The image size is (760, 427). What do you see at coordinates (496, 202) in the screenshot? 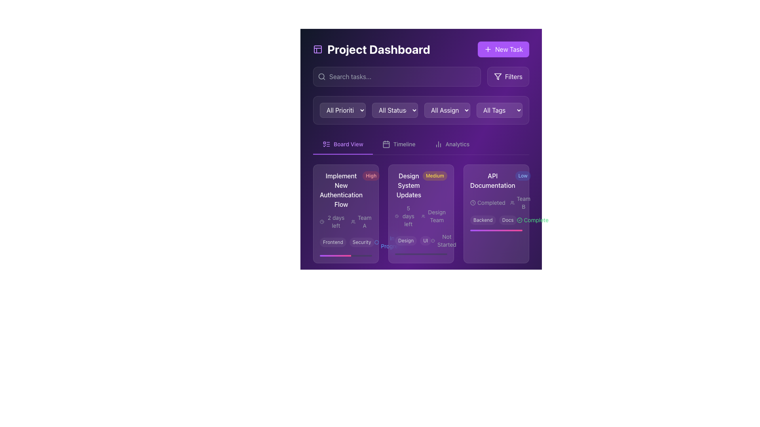
I see `the status label displaying 'Completed' for the 'API Documentation' card, which is located in the second row of its content` at bounding box center [496, 202].